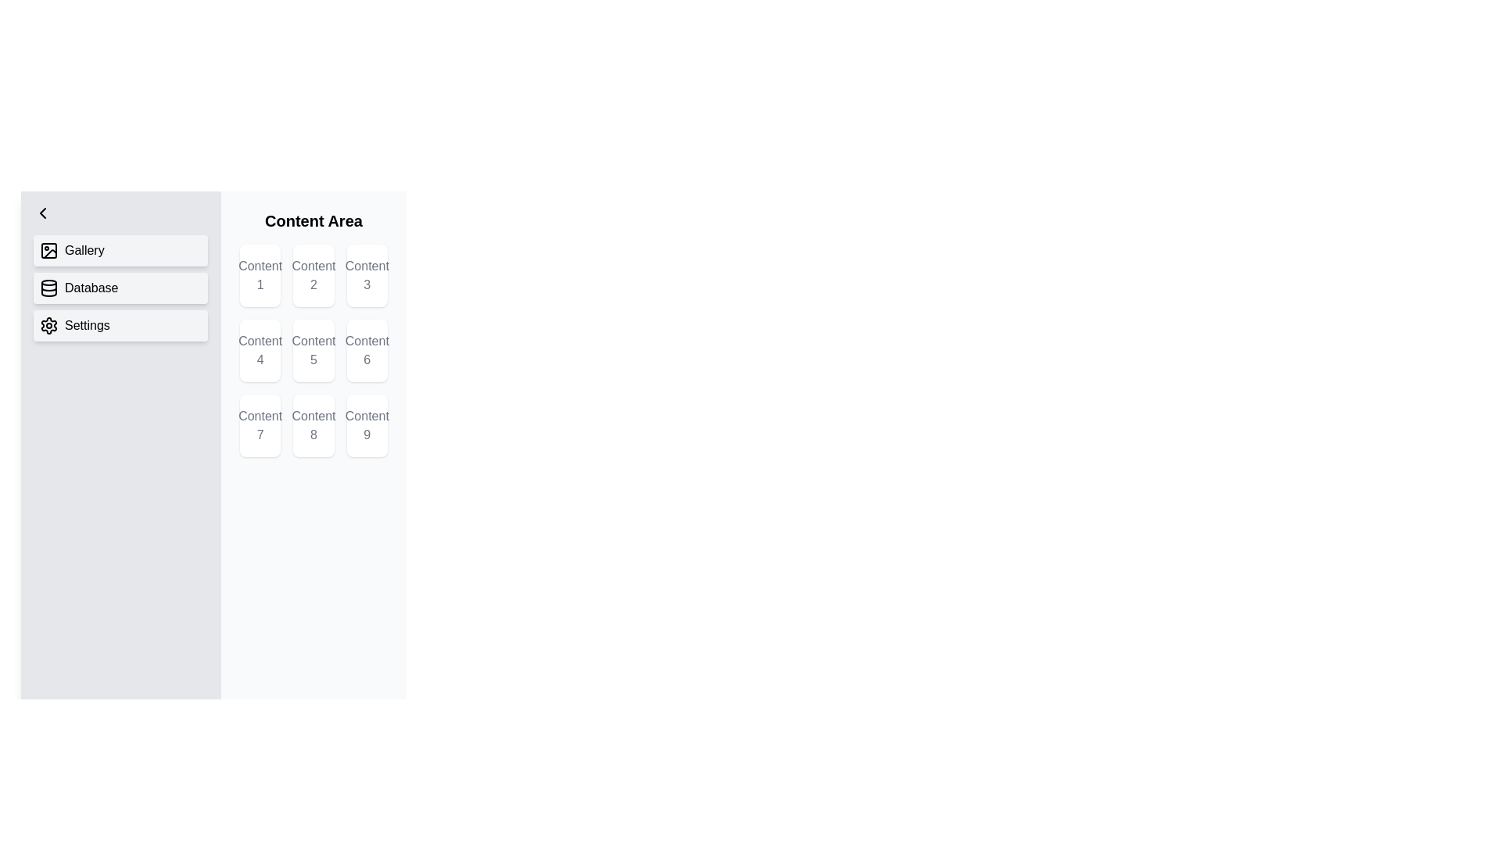 The width and height of the screenshot is (1501, 844). What do you see at coordinates (48, 249) in the screenshot?
I see `the innermost rectangular SVG graphic that represents the 'Gallery' navigation option in the side menu` at bounding box center [48, 249].